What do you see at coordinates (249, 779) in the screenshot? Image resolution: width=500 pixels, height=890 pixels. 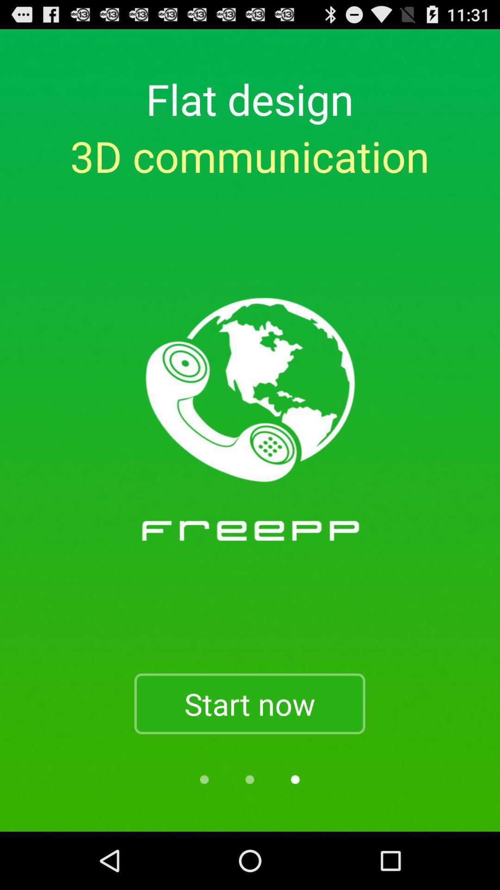 I see `previous slide` at bounding box center [249, 779].